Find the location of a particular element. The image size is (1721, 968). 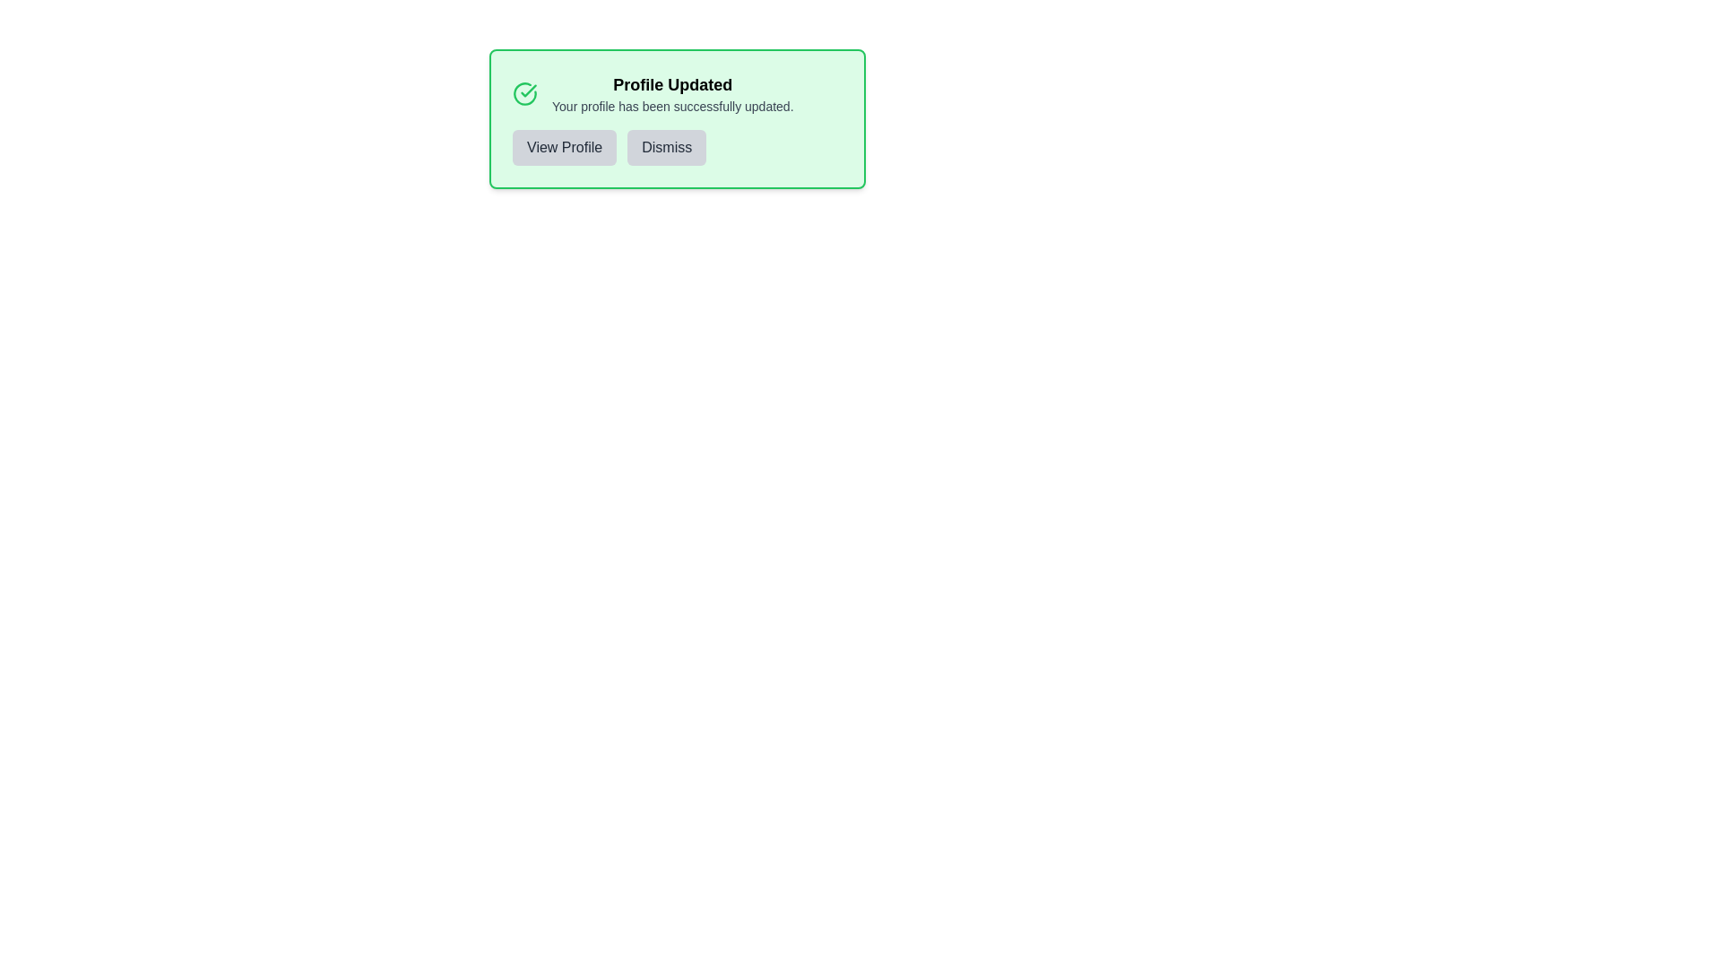

the green checkmark icon within the notification message box indicating a successful operation, located at the top left corner near the title text 'Profile Updated' is located at coordinates (528, 91).